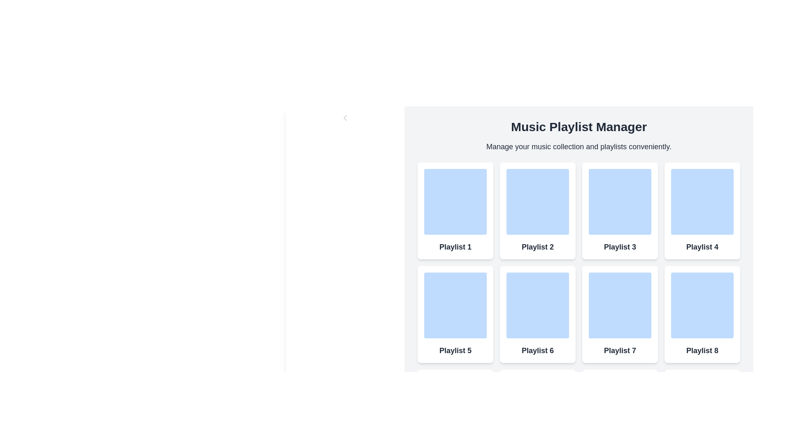 The image size is (790, 444). I want to click on text displayed in the Text Label that shows 'Playlist 2', which is a bold, large font style located in the second playlist card of the grid layout, so click(537, 247).